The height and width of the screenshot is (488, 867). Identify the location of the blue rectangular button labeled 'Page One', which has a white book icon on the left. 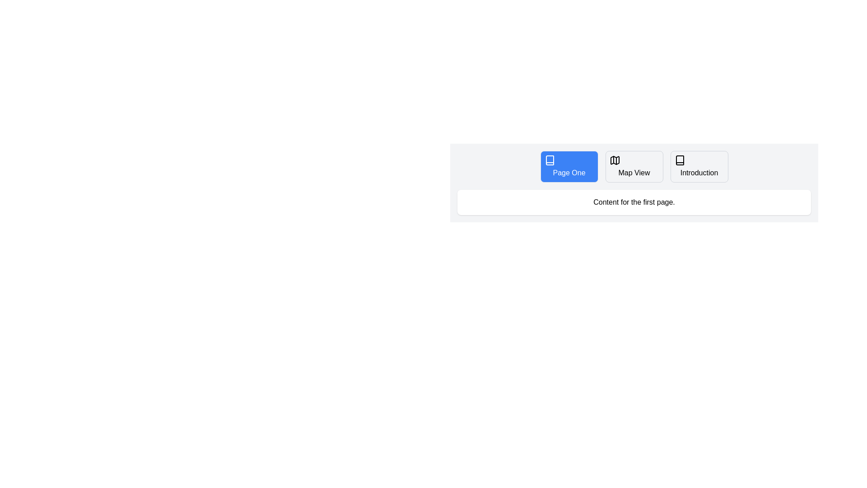
(569, 167).